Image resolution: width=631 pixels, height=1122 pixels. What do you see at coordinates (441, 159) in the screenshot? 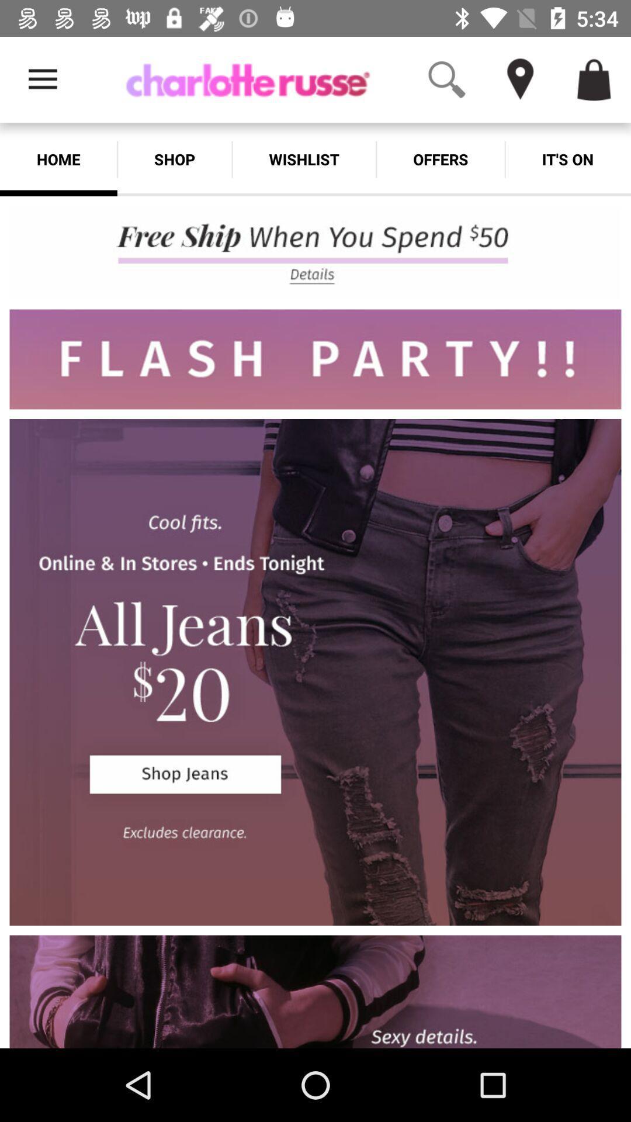
I see `icon next to the it's on item` at bounding box center [441, 159].